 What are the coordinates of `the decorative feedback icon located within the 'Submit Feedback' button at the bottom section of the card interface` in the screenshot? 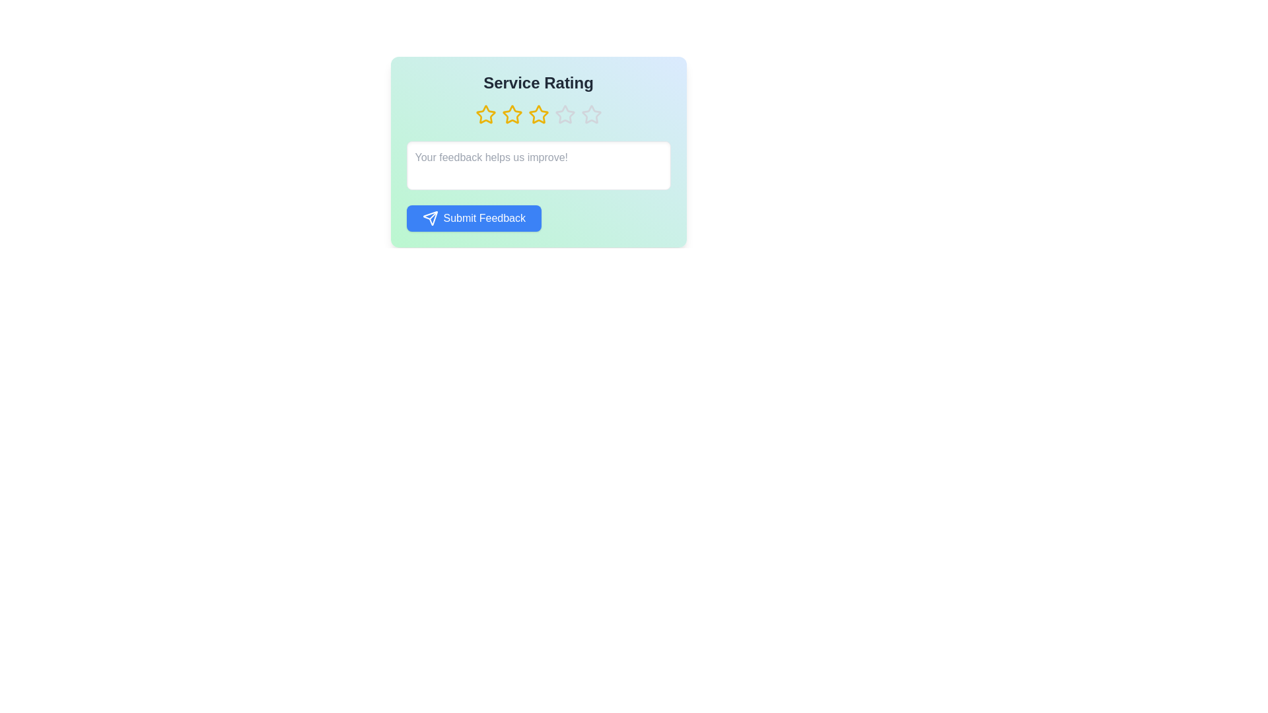 It's located at (430, 218).